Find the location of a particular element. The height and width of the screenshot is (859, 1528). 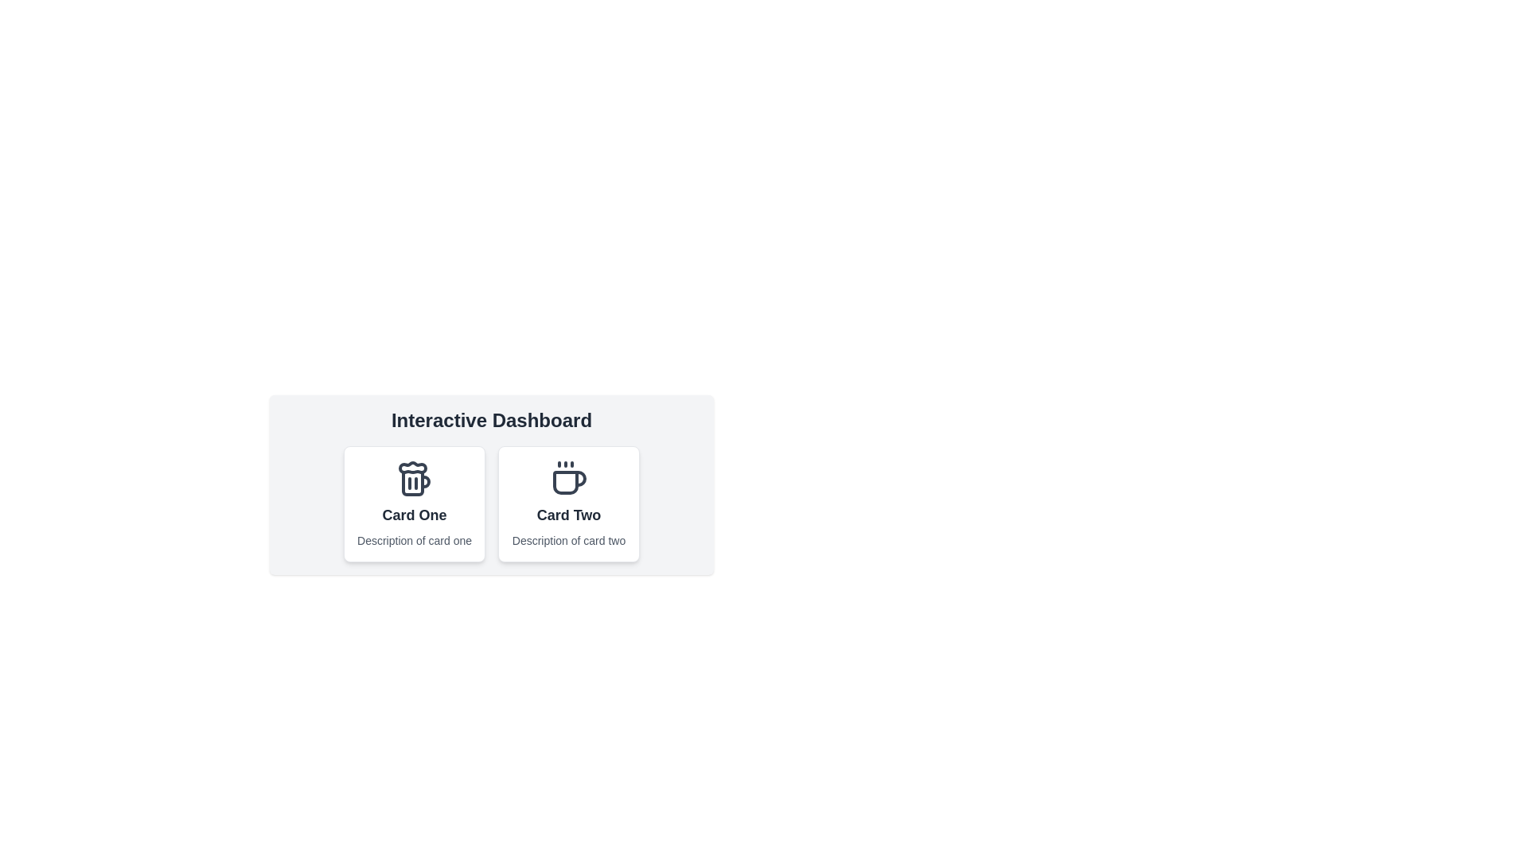

the coffee cup icon located in 'Card Two' beneath the 'Interactive Dashboard' heading is located at coordinates (569, 477).